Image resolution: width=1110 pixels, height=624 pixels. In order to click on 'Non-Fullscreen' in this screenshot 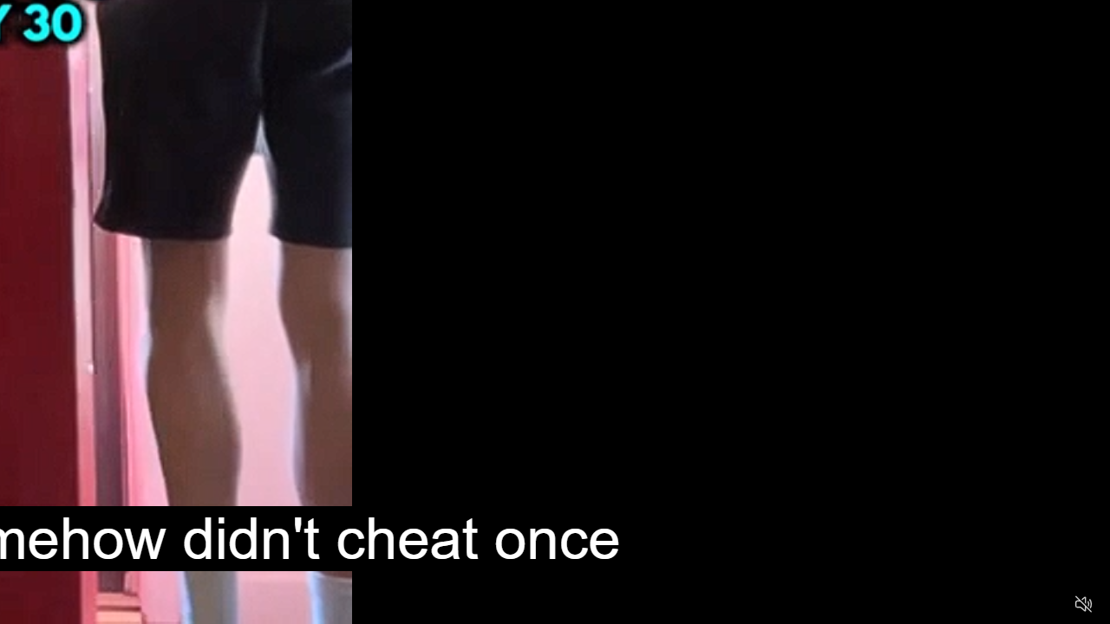, I will do `click(1049, 603)`.